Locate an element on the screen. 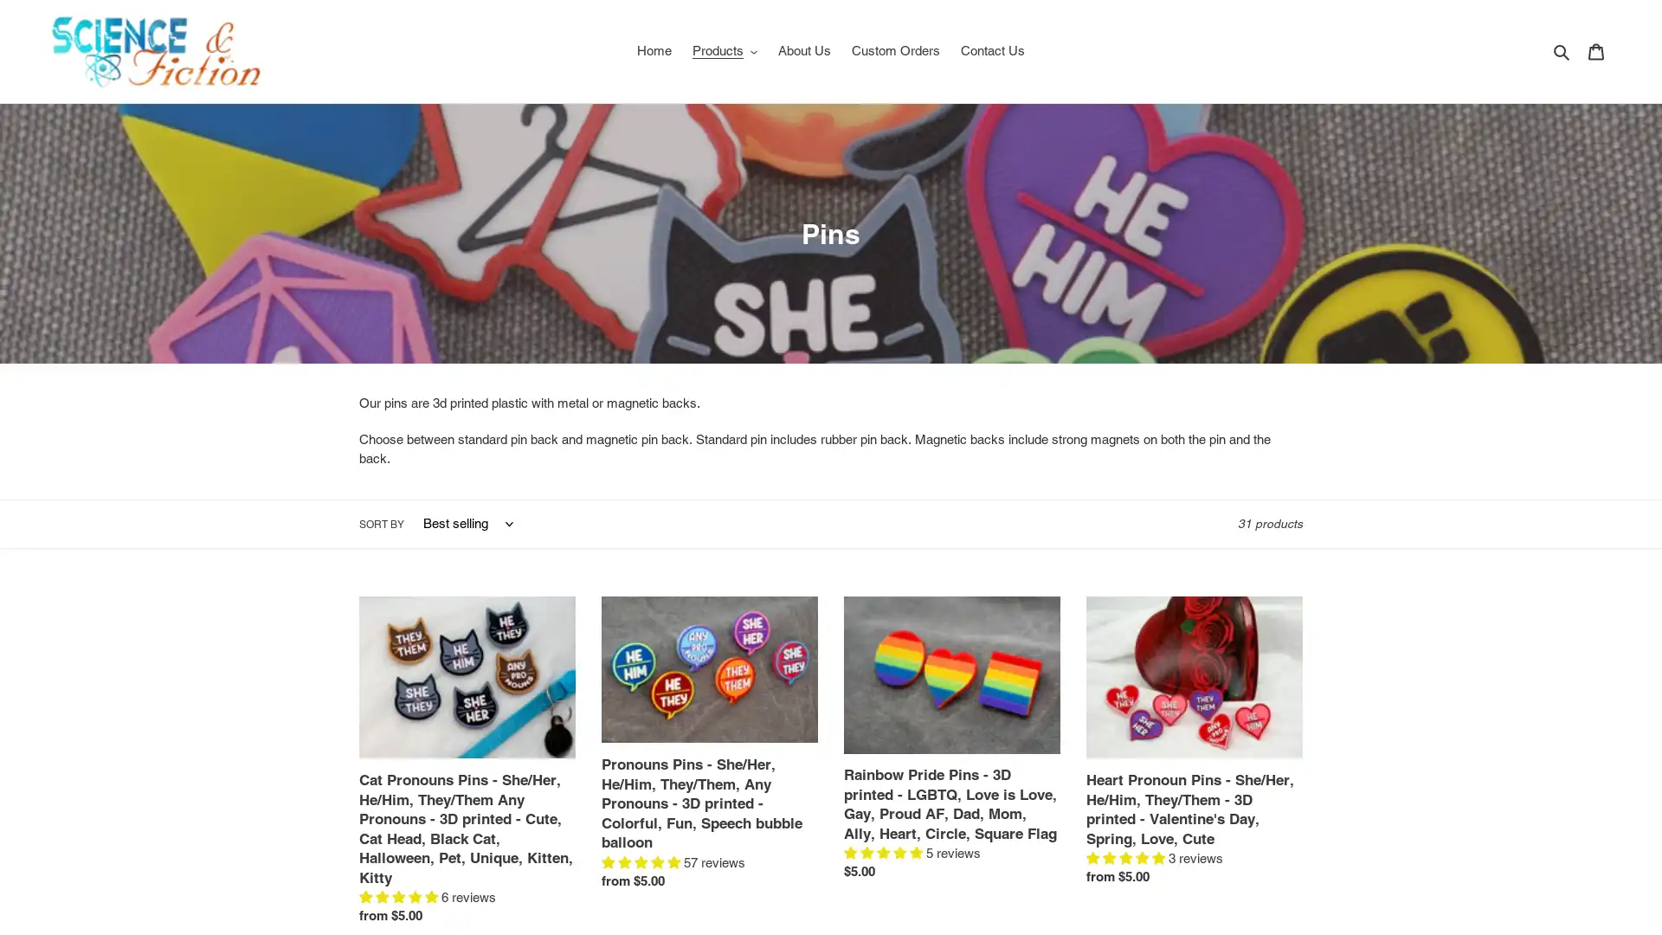  Products is located at coordinates (724, 49).